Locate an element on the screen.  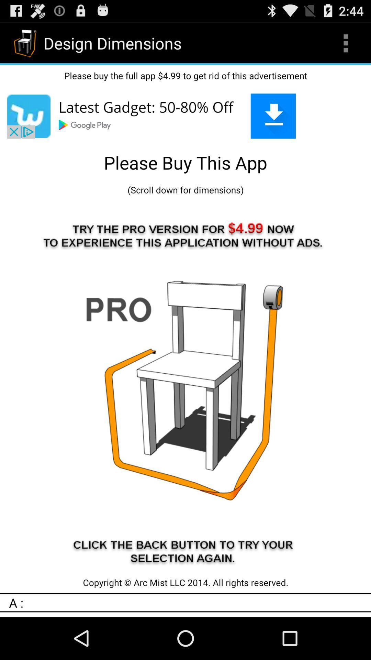
item below scroll down for is located at coordinates (185, 386).